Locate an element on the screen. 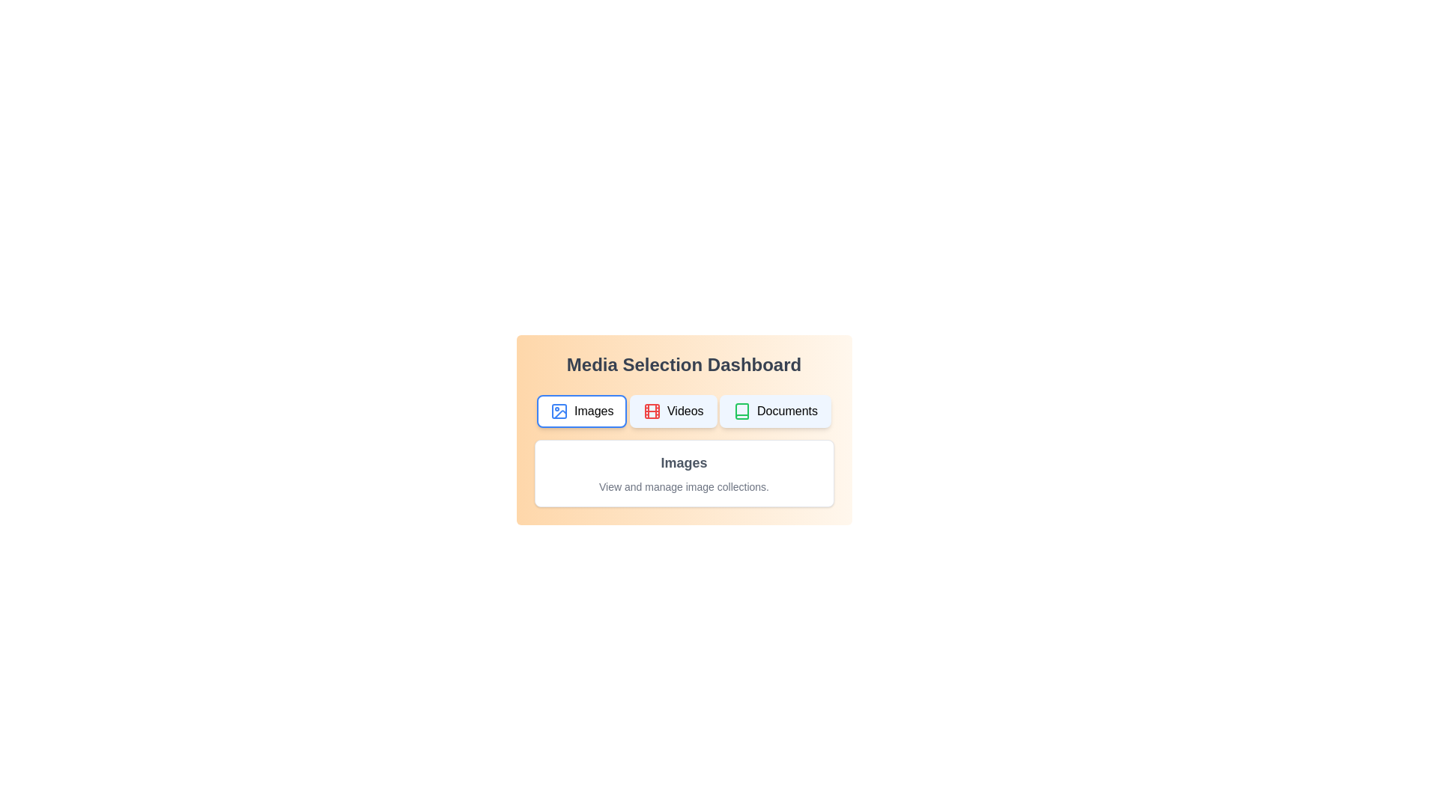  the button in the bottom-right corner of the 'Media Selection Dashboard' is located at coordinates (775, 411).